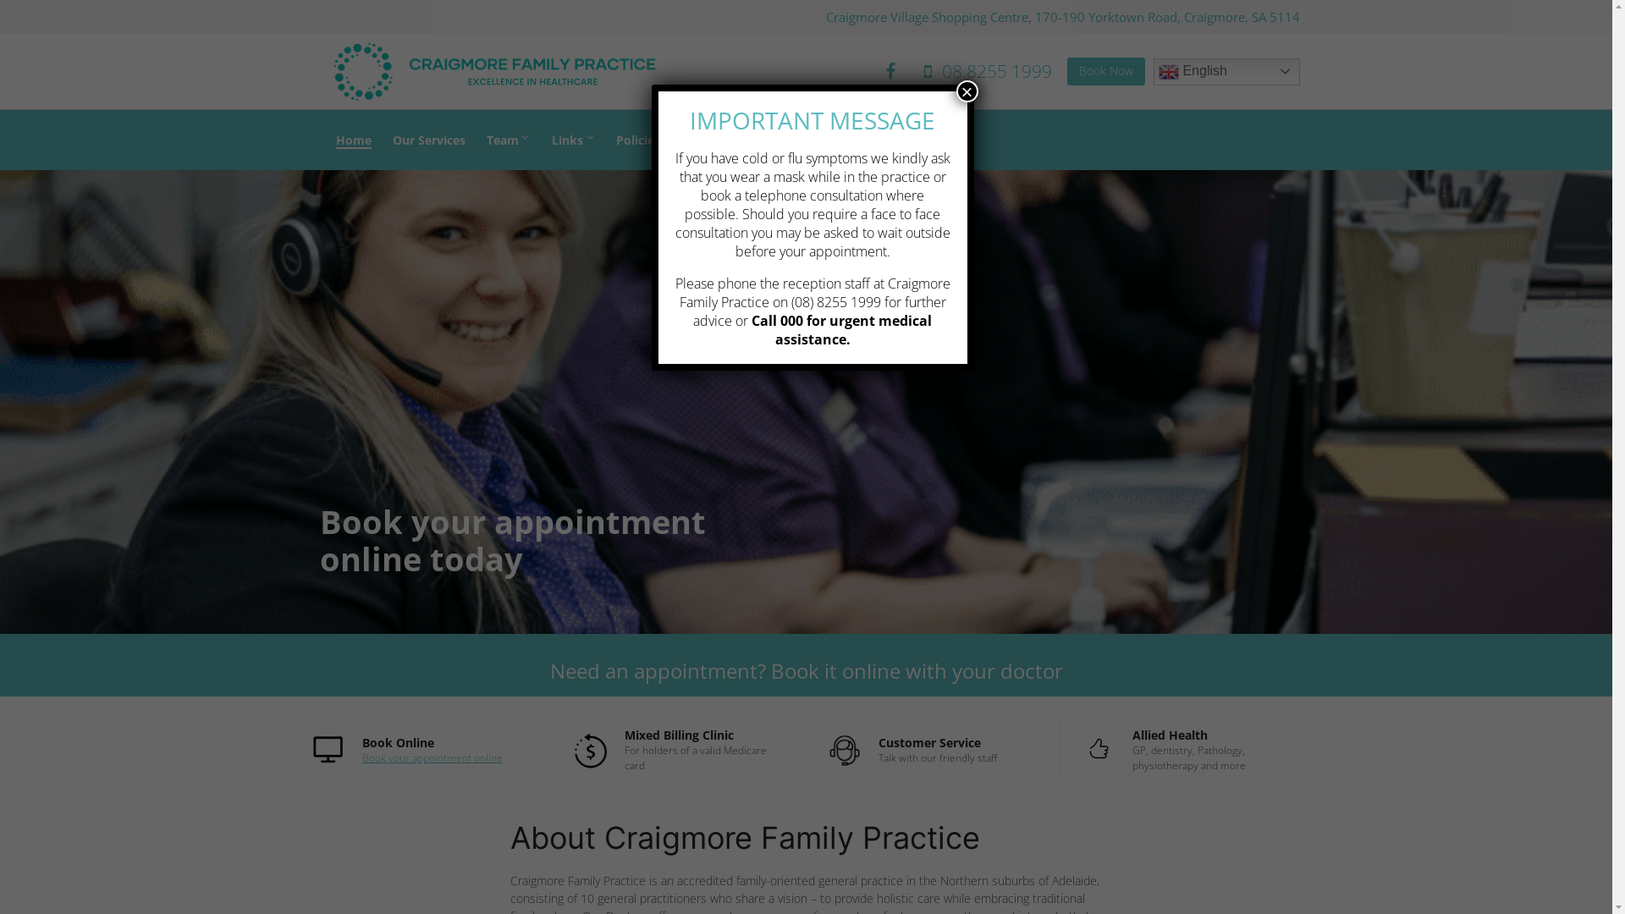 This screenshot has height=914, width=1625. I want to click on 'Links', so click(573, 138).